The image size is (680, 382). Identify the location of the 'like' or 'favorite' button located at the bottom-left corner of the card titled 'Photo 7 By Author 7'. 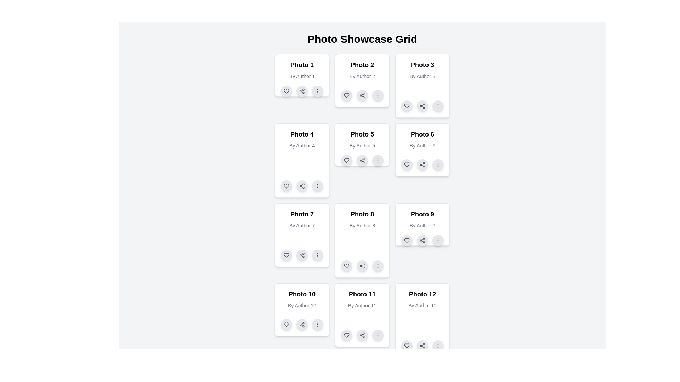
(287, 255).